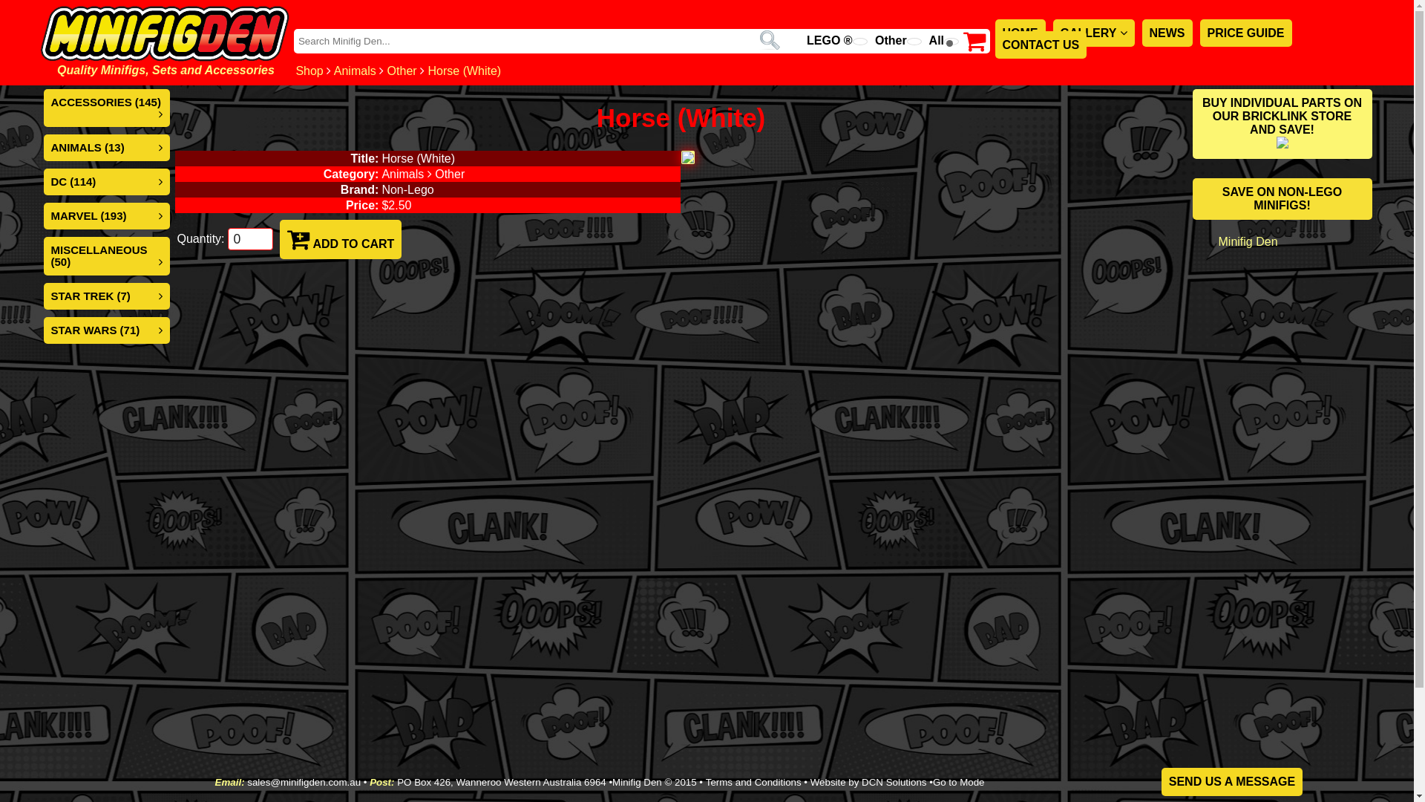  What do you see at coordinates (50, 147) in the screenshot?
I see `'ANIMALS (13)'` at bounding box center [50, 147].